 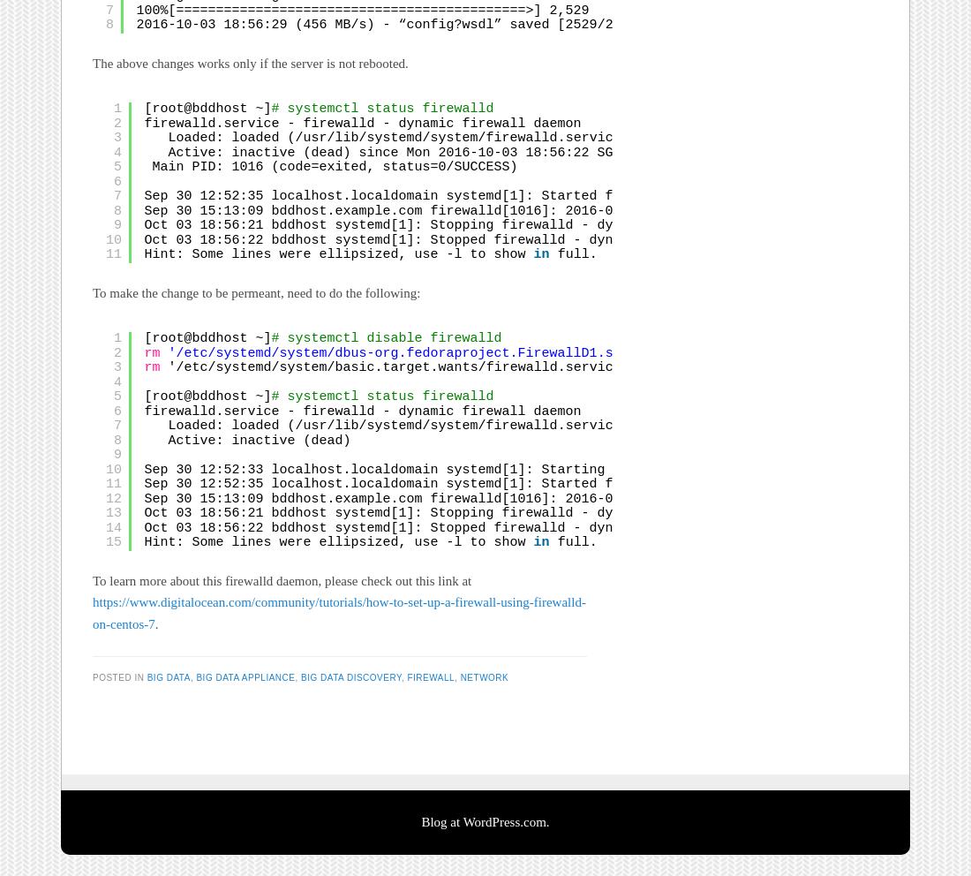 I want to click on 'To make the change to be permeant, need to do the following:', so click(x=255, y=293).